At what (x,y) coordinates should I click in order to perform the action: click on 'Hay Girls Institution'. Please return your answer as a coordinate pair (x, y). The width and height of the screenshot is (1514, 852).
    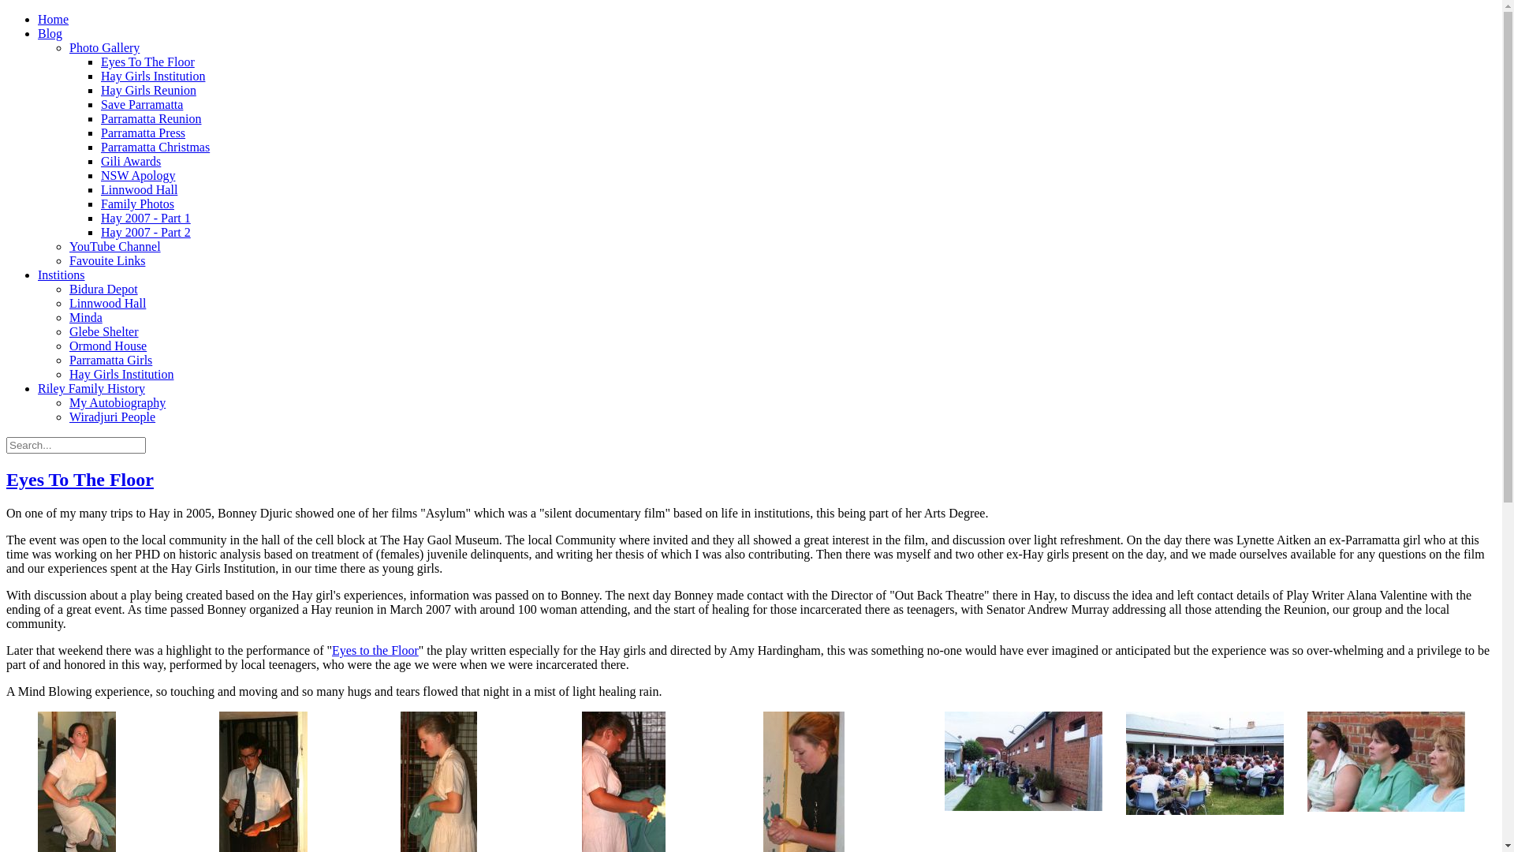
    Looking at the image, I should click on (120, 374).